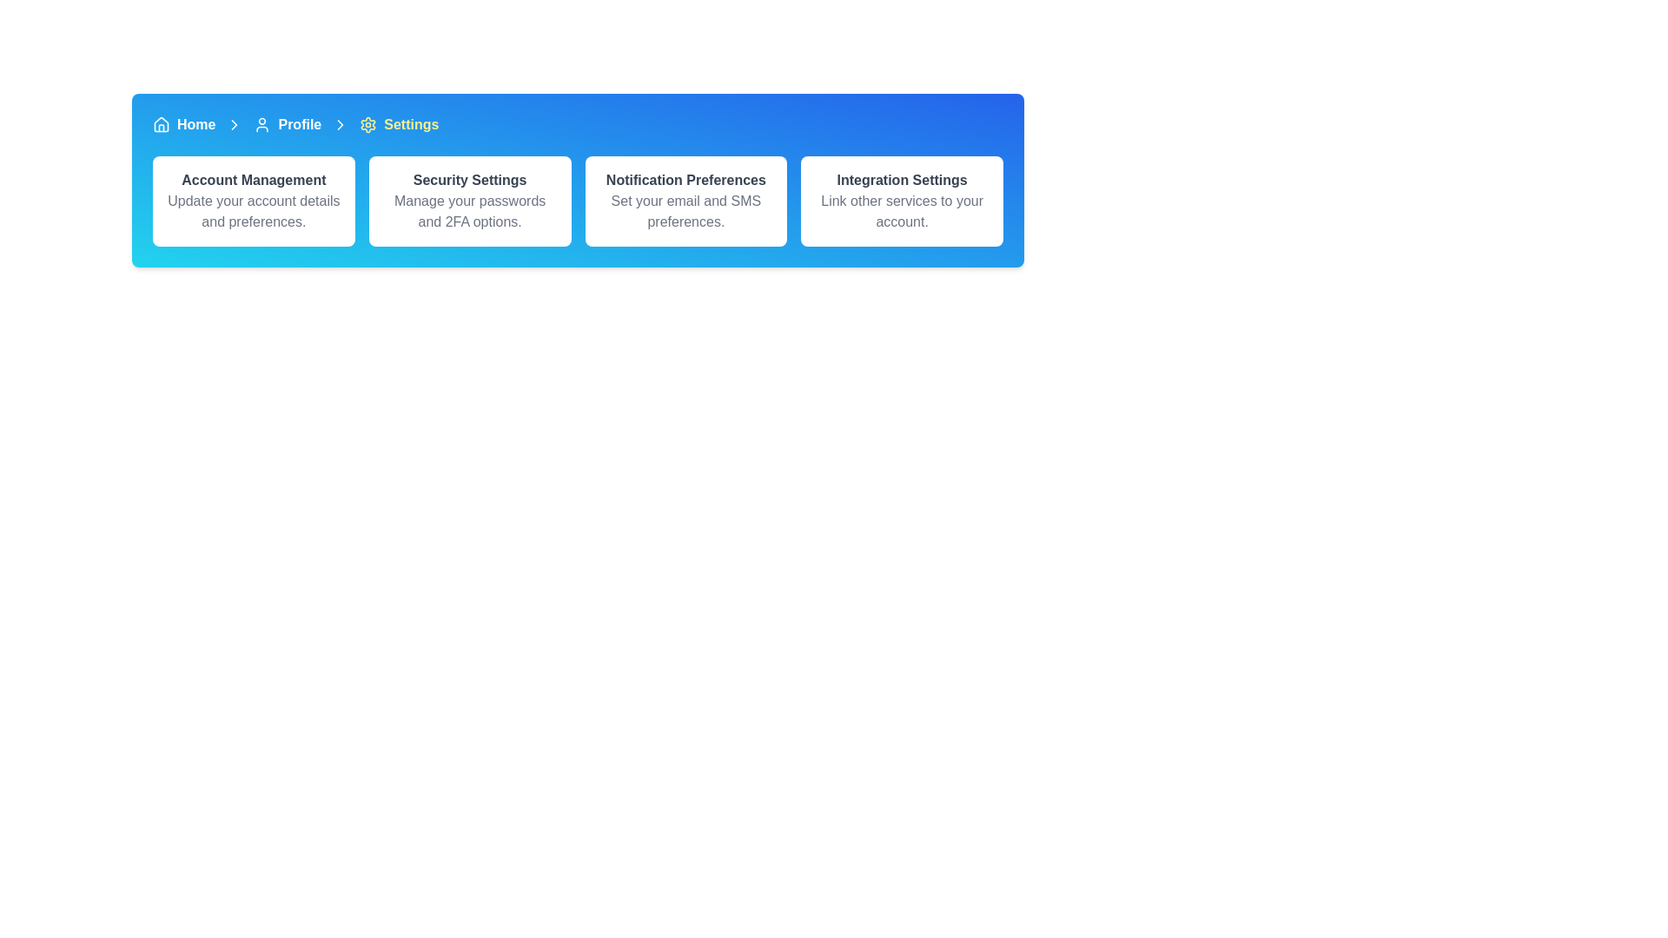  What do you see at coordinates (195, 123) in the screenshot?
I see `the hyperlink located near the left side of the navigation bar` at bounding box center [195, 123].